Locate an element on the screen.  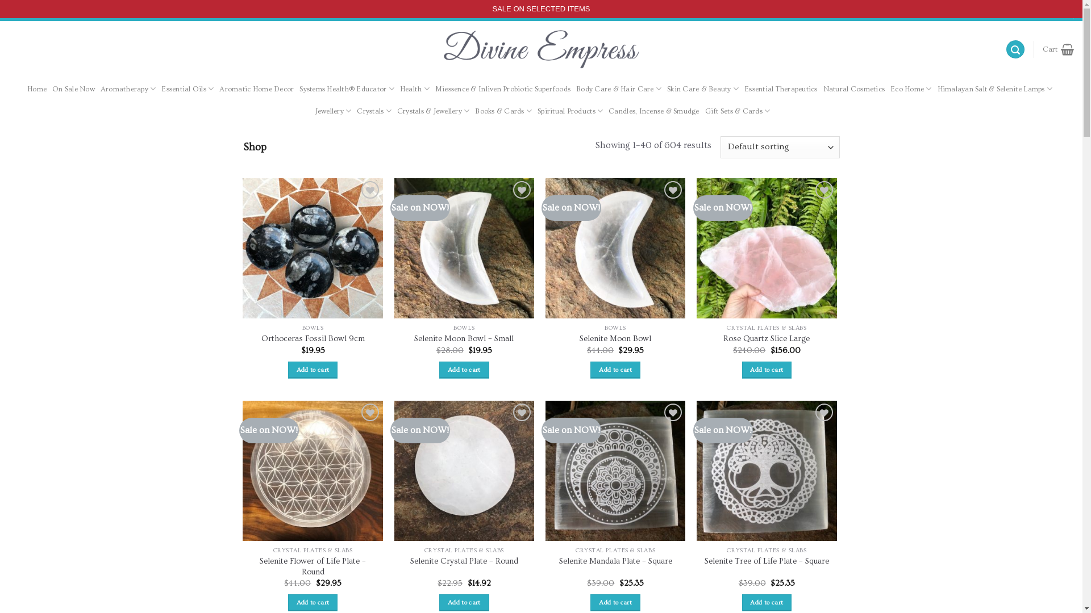
'Eco Home' is located at coordinates (911, 88).